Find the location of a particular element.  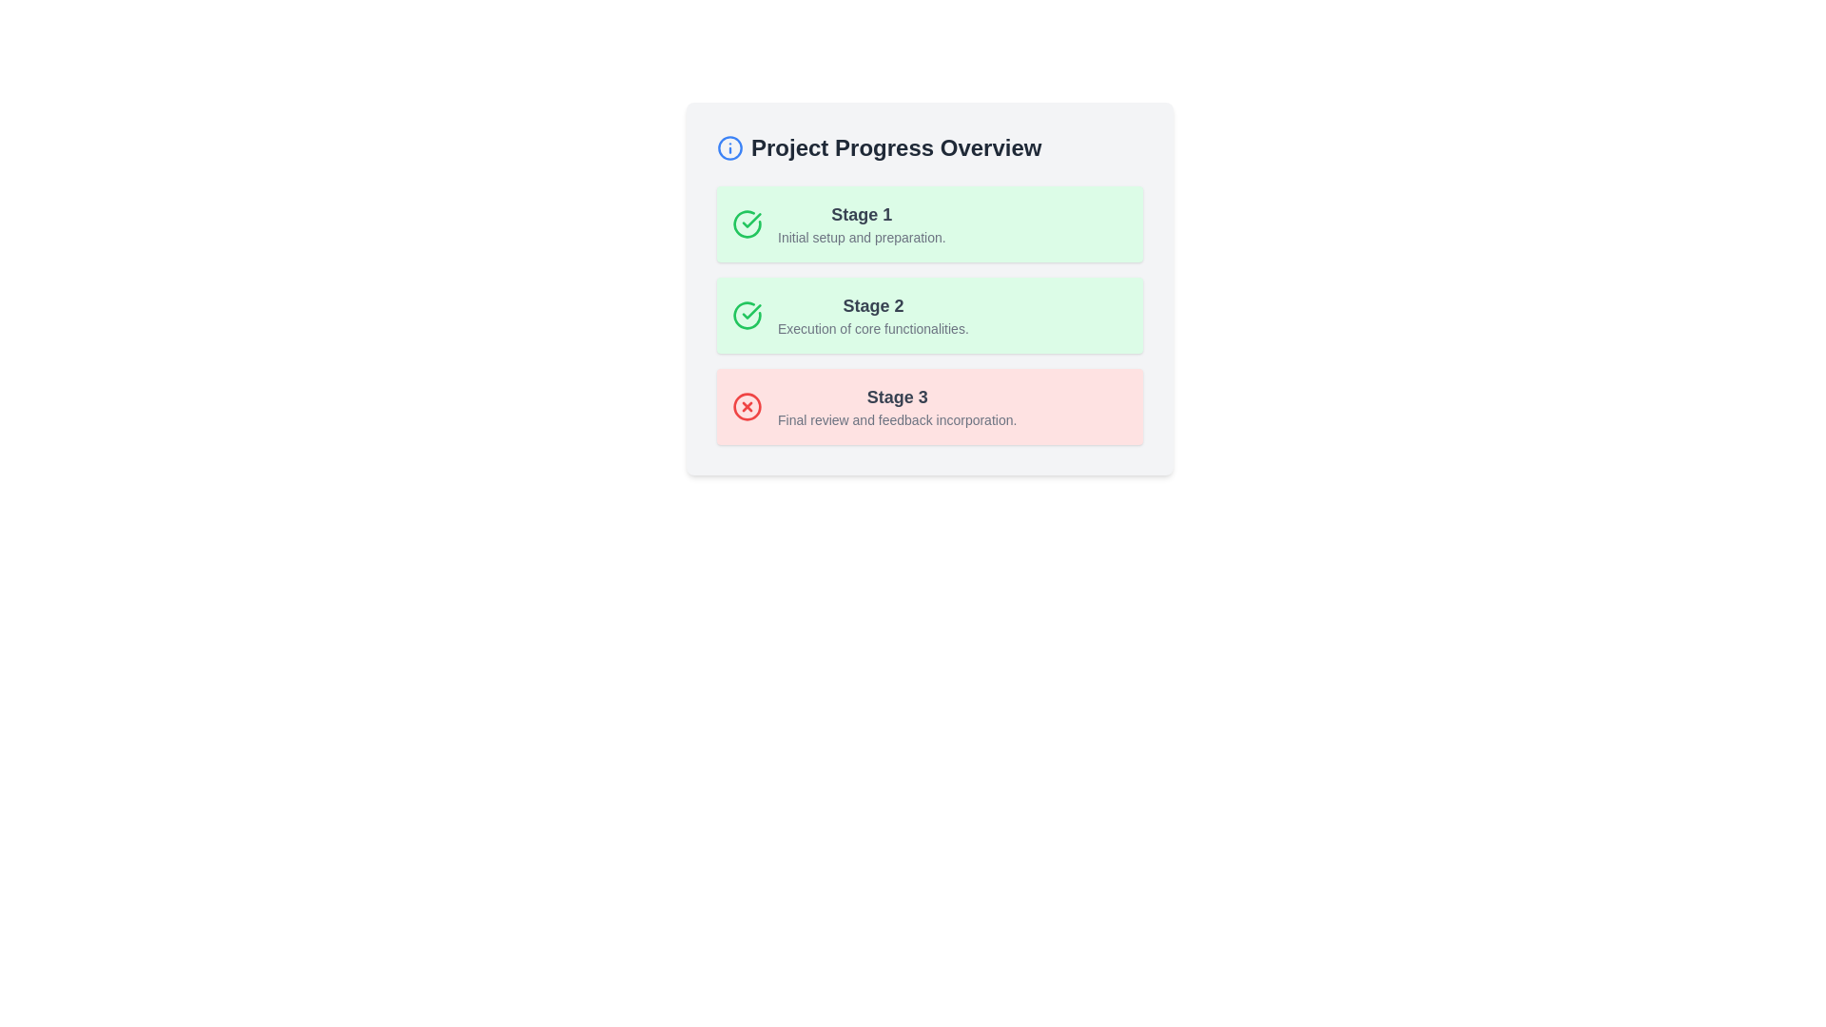

the Text label displaying 'Stage 2' with a bold font and light green background, which is the second item in a vertical list of stages is located at coordinates (872, 314).